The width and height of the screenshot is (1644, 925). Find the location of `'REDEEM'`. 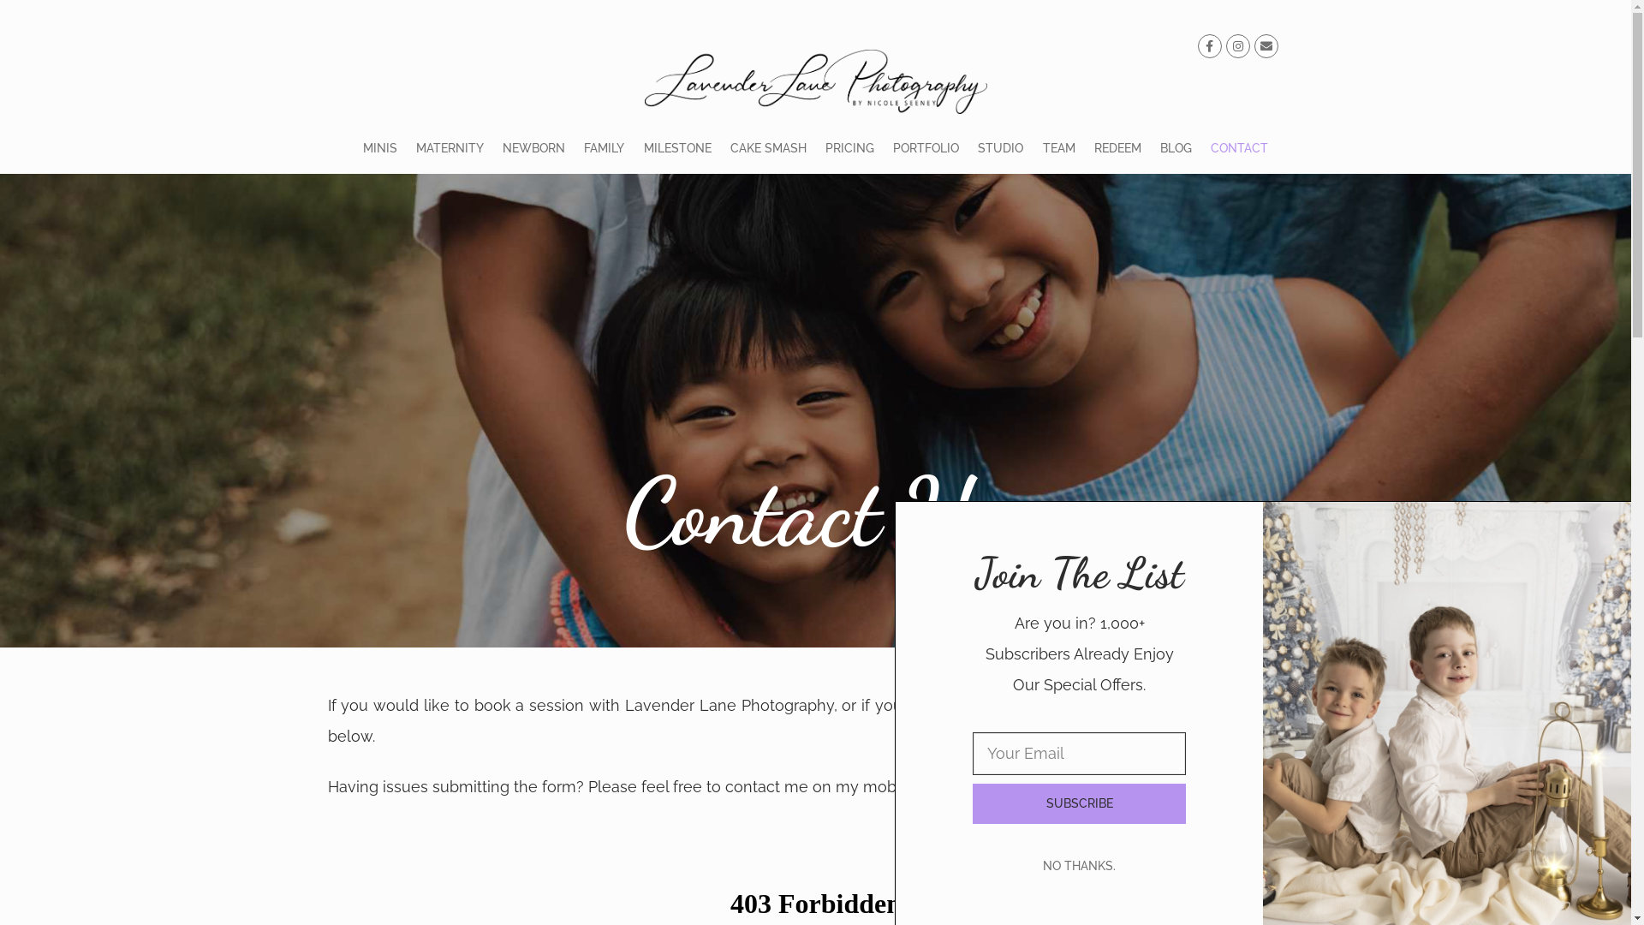

'REDEEM' is located at coordinates (1117, 147).